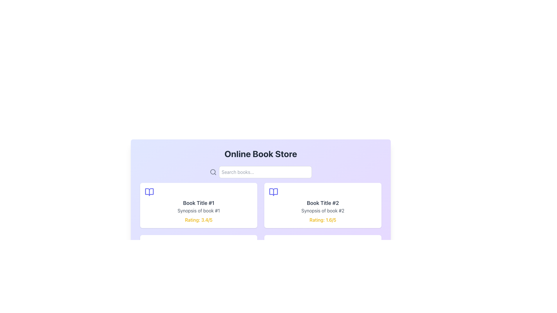  What do you see at coordinates (149, 192) in the screenshot?
I see `the book icon with a purple outline located in the top-left corner of the card titled 'Book Title #1'` at bounding box center [149, 192].